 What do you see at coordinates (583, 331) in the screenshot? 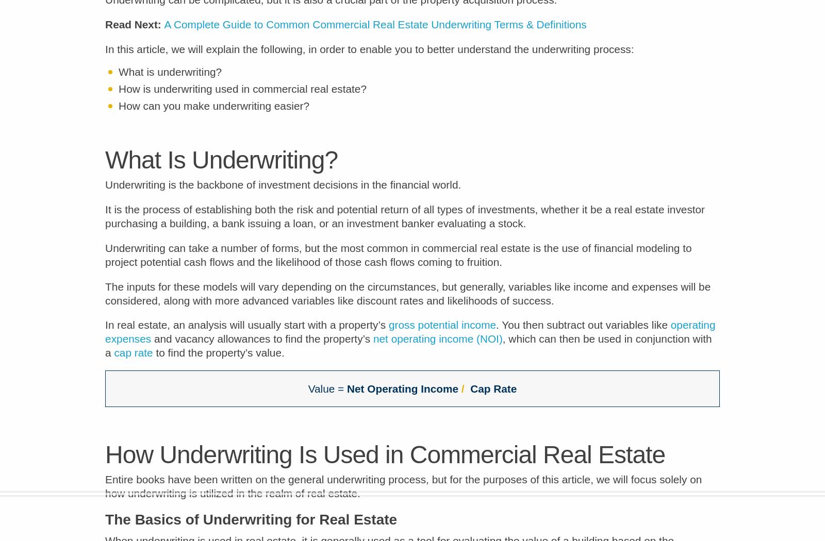
I see `'. You then subtract out variables like'` at bounding box center [583, 331].